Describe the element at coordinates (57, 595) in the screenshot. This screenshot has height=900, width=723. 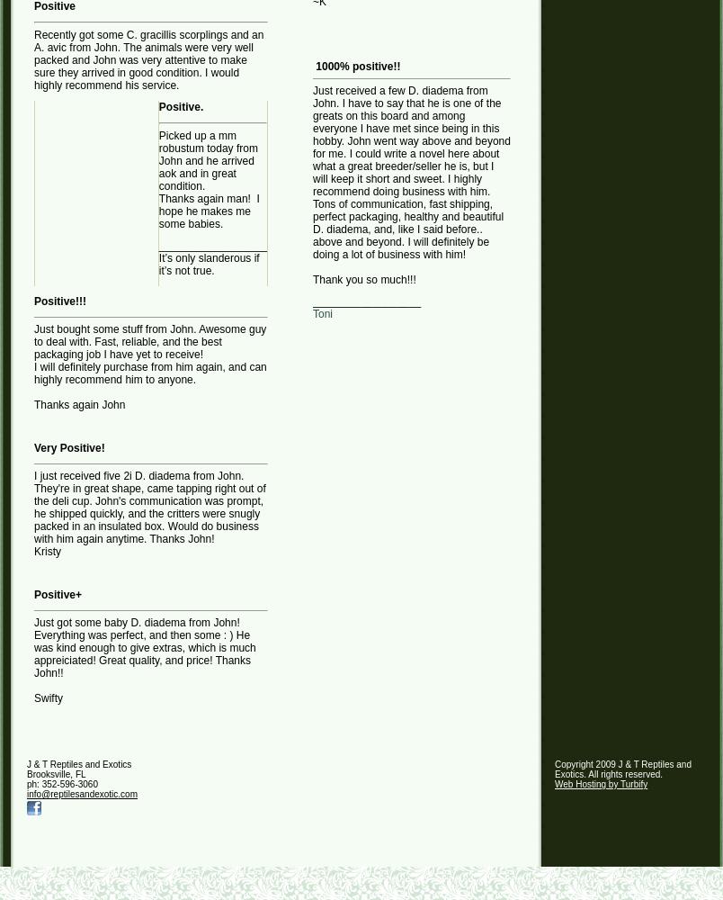
I see `'Positive+'` at that location.